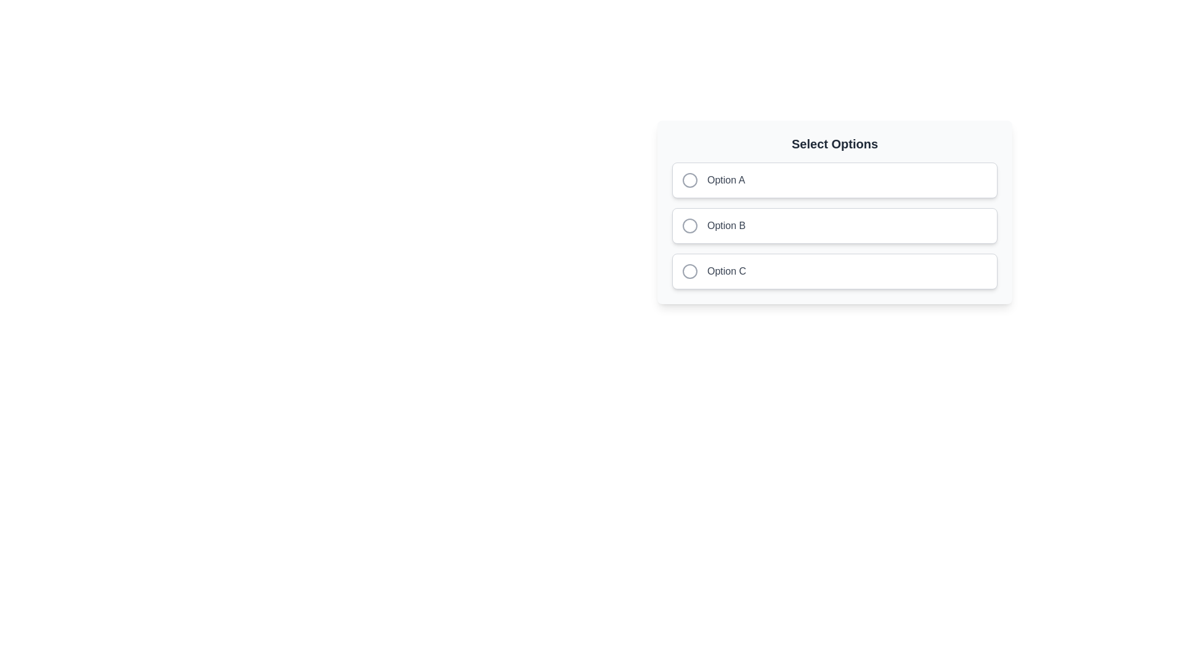  Describe the element at coordinates (834, 225) in the screenshot. I see `the vertically aligned Selection Group labeled 'Option A,' 'Option B,' and 'Option C'` at that location.